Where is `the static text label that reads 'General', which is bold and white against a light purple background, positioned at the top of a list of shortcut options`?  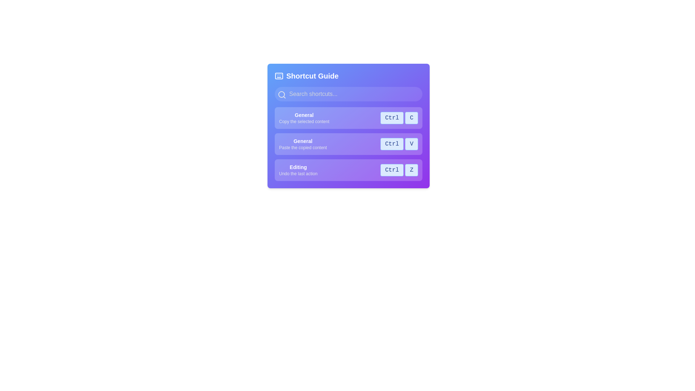
the static text label that reads 'General', which is bold and white against a light purple background, positioned at the top of a list of shortcut options is located at coordinates (304, 114).